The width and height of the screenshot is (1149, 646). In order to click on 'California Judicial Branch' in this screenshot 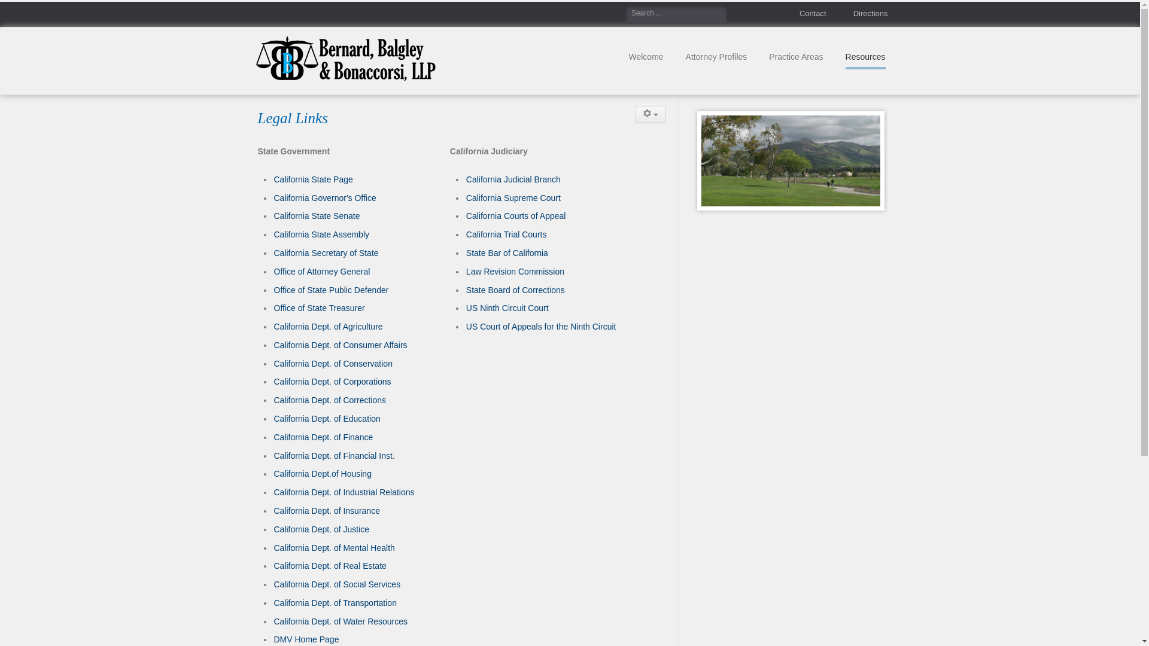, I will do `click(513, 179)`.